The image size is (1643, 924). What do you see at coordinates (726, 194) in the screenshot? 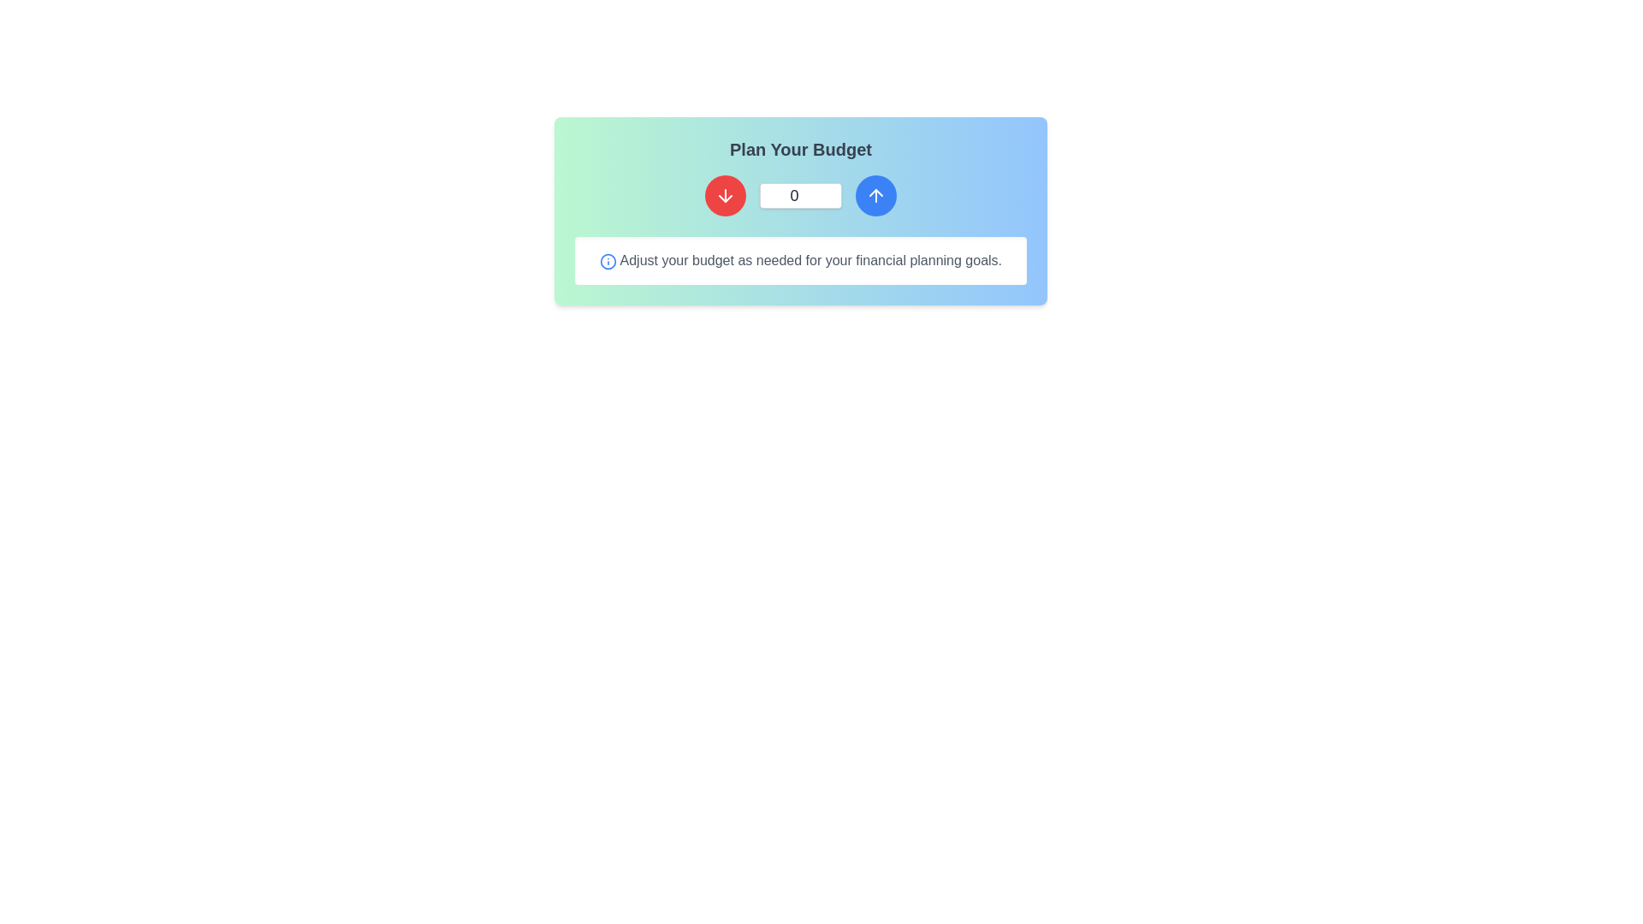
I see `the circular red button with a white downward arrow to activate its hover effect` at bounding box center [726, 194].